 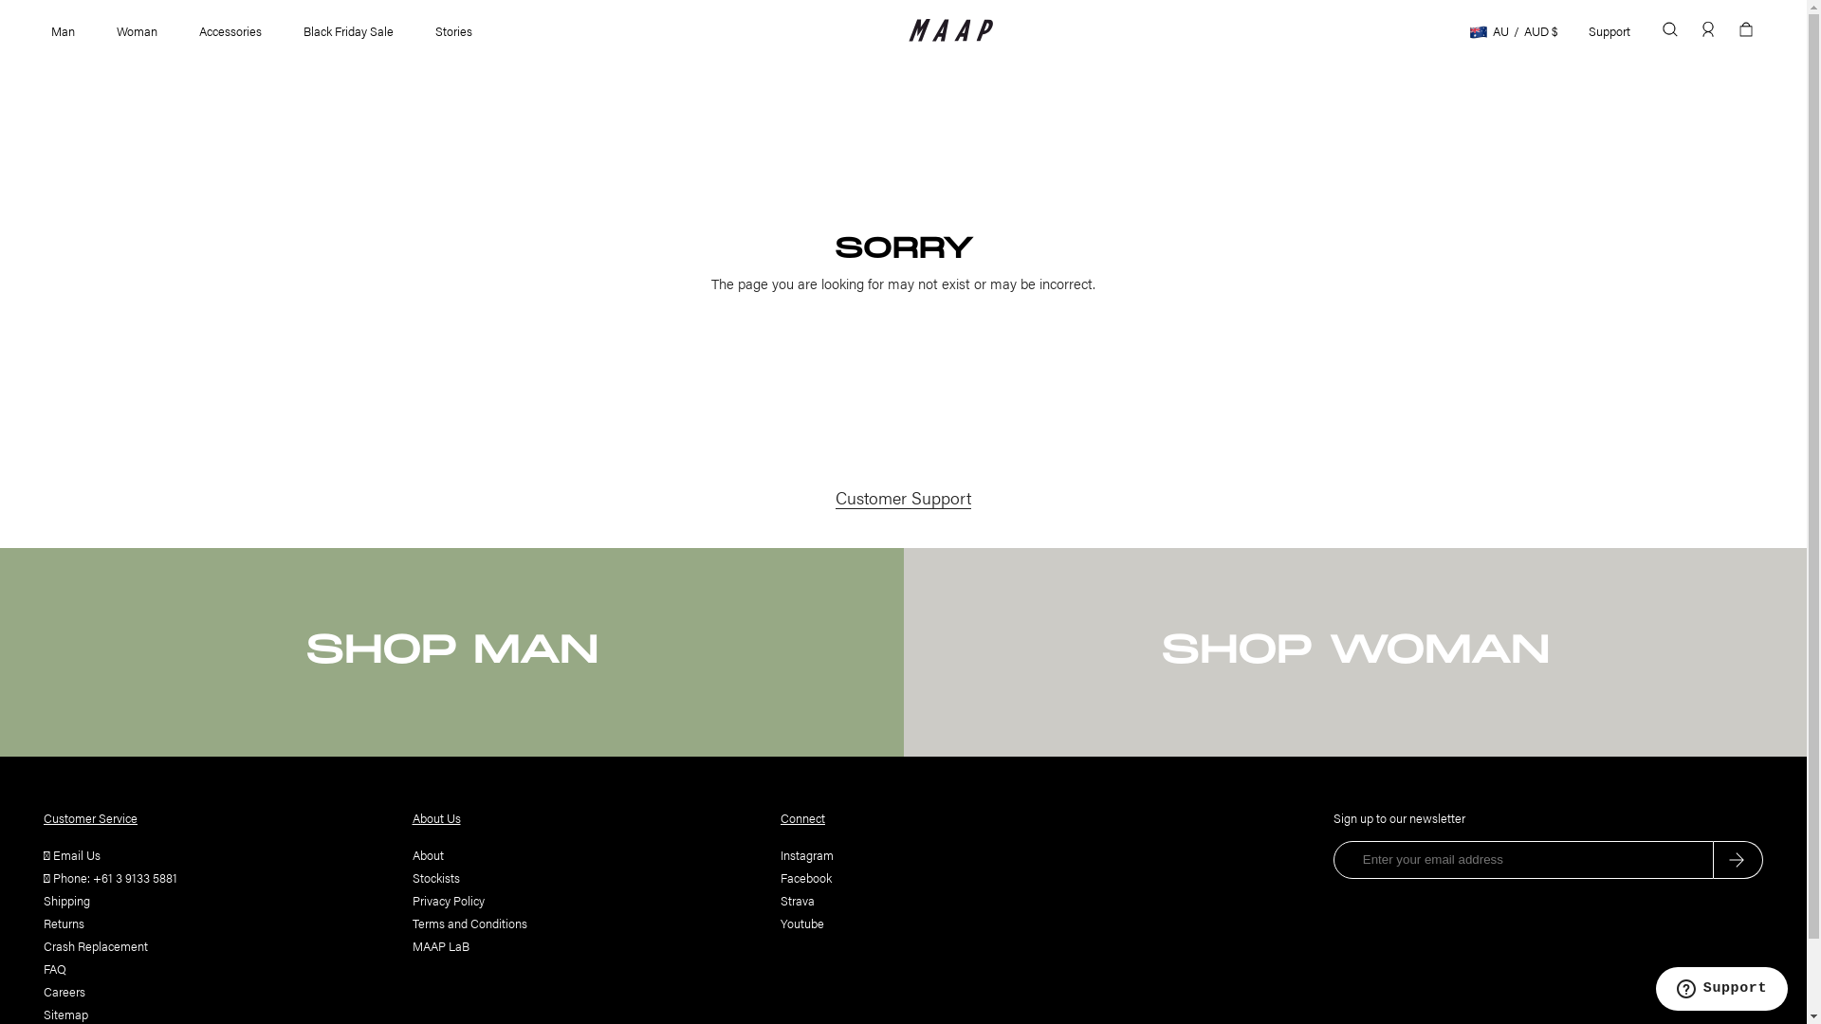 What do you see at coordinates (797, 899) in the screenshot?
I see `'Strava'` at bounding box center [797, 899].